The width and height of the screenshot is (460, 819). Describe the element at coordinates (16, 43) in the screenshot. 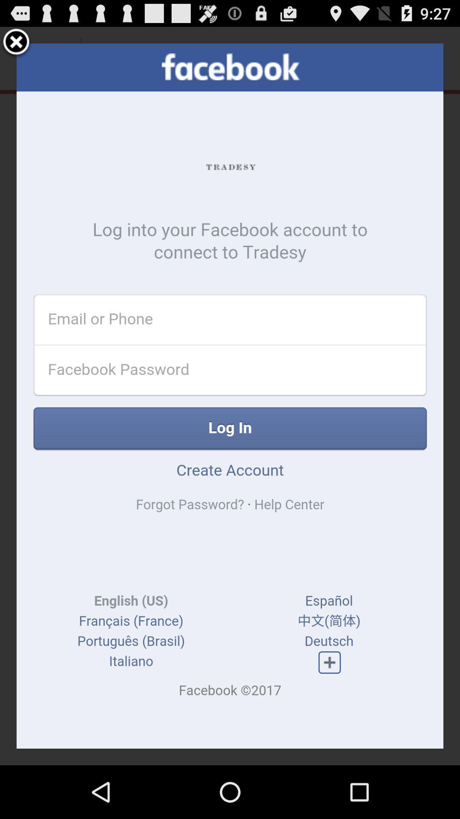

I see `option` at that location.